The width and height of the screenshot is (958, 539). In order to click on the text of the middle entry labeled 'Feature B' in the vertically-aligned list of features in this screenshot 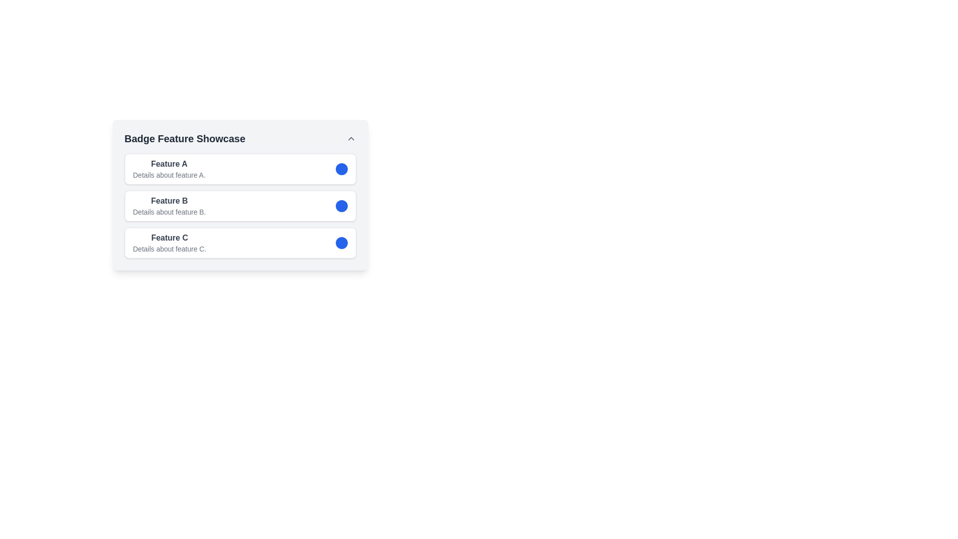, I will do `click(240, 205)`.